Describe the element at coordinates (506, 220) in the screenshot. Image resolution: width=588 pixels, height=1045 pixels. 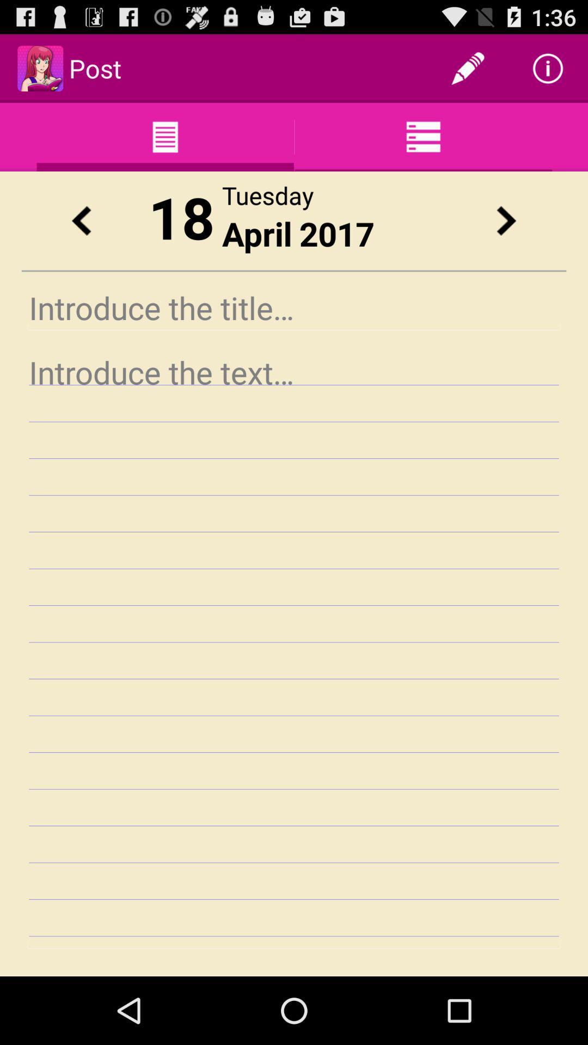
I see `next day` at that location.